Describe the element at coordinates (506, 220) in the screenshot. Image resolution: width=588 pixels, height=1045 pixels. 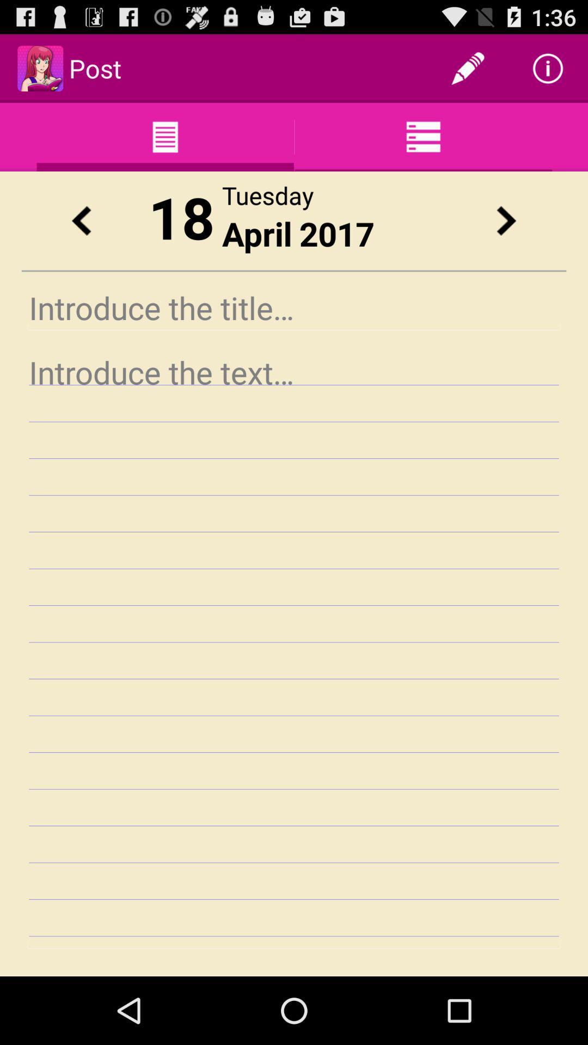
I see `next day` at that location.